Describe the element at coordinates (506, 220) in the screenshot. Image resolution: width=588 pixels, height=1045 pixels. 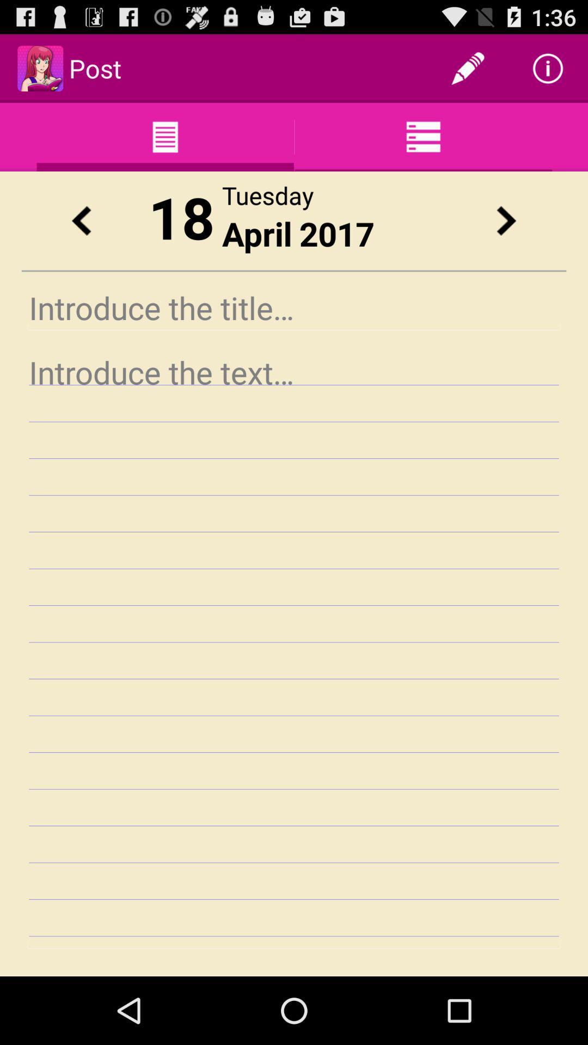
I see `next day` at that location.